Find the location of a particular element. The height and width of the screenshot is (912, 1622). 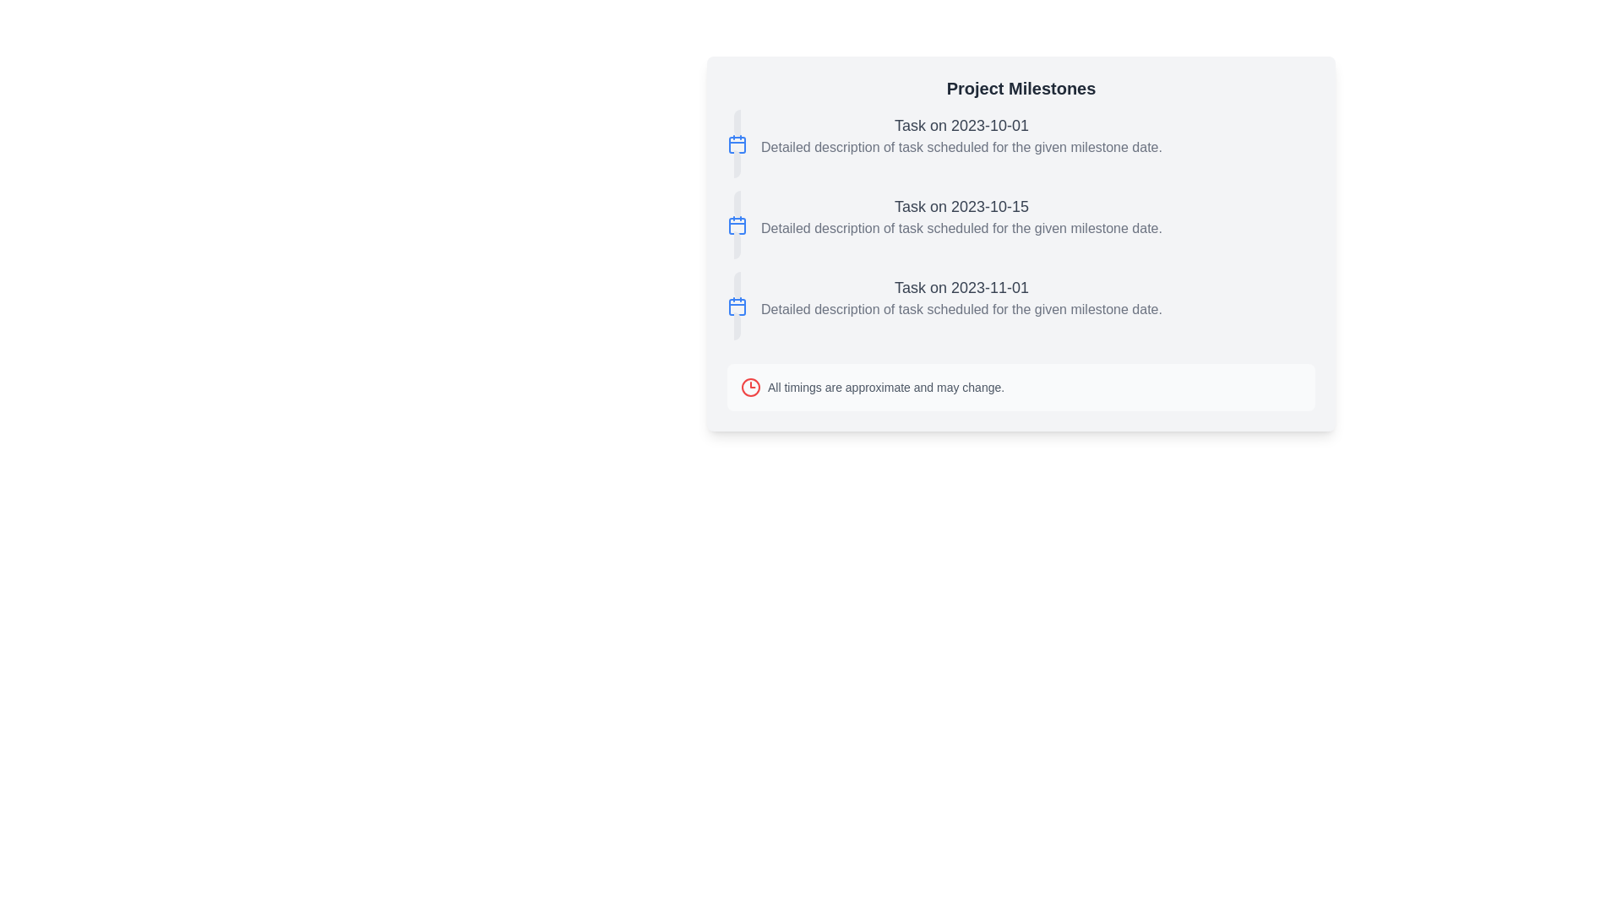

the third Text Block in the 'Project Milestones' section that describes the task scheduled on '2023-11-01' is located at coordinates (961, 297).